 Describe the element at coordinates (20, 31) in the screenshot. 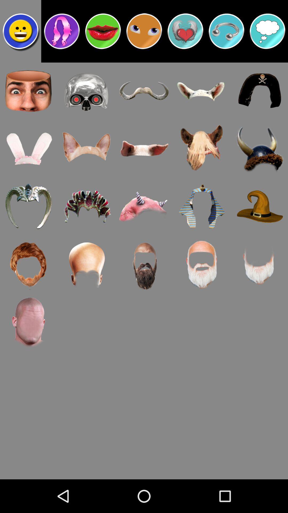

I see `face` at that location.